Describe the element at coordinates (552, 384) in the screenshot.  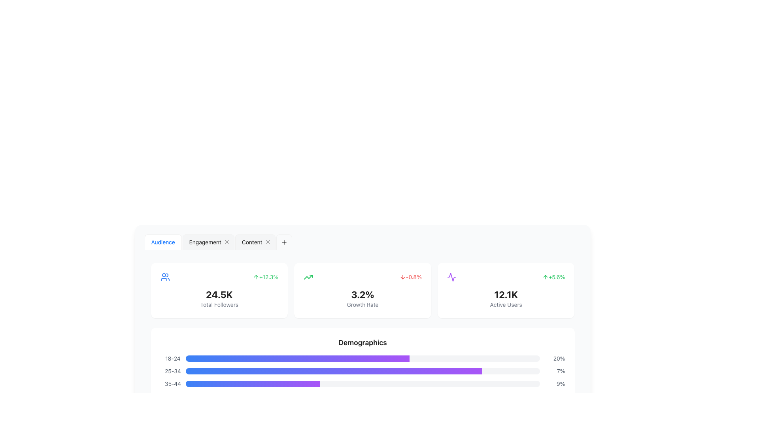
I see `the text label displaying '9%' in a small gray font, located to the far right of the demographic section row labeled '35-44'` at that location.